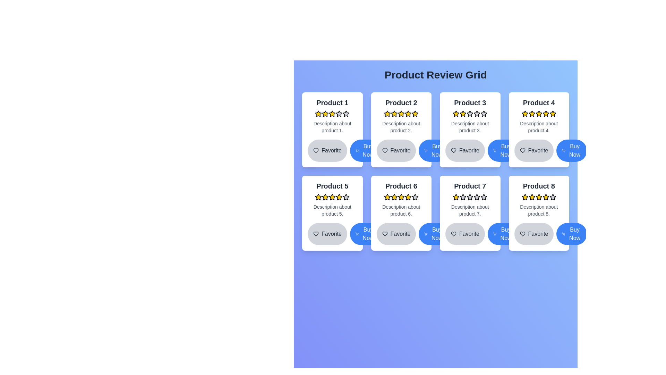  Describe the element at coordinates (531, 197) in the screenshot. I see `the third star icon in the rating section of the card for 'Product 8' located in the bottom-right part of the grid layout` at that location.